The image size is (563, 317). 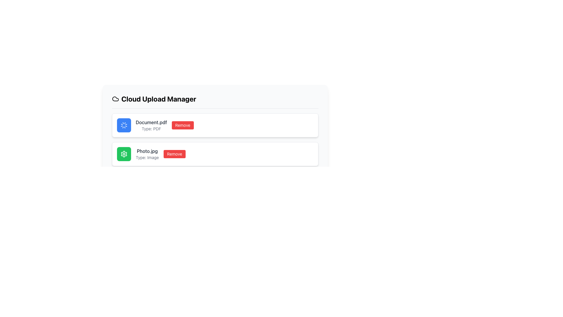 I want to click on file details from the first file entry display in the Cloud Upload Manager section of the application interface, so click(x=215, y=125).